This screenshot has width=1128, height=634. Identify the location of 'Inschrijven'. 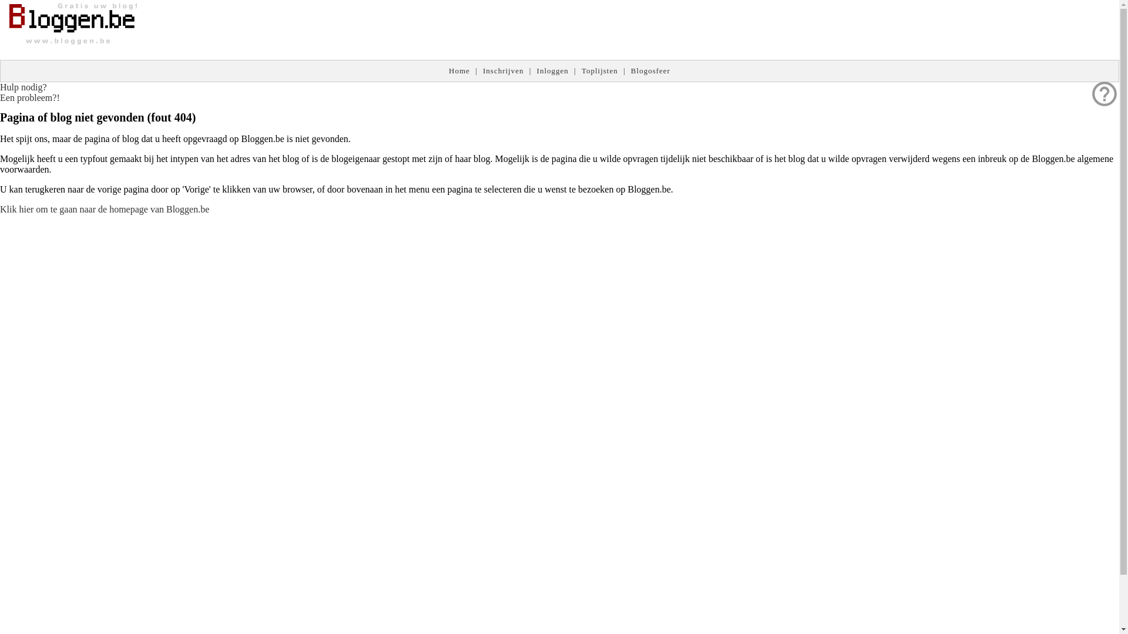
(503, 70).